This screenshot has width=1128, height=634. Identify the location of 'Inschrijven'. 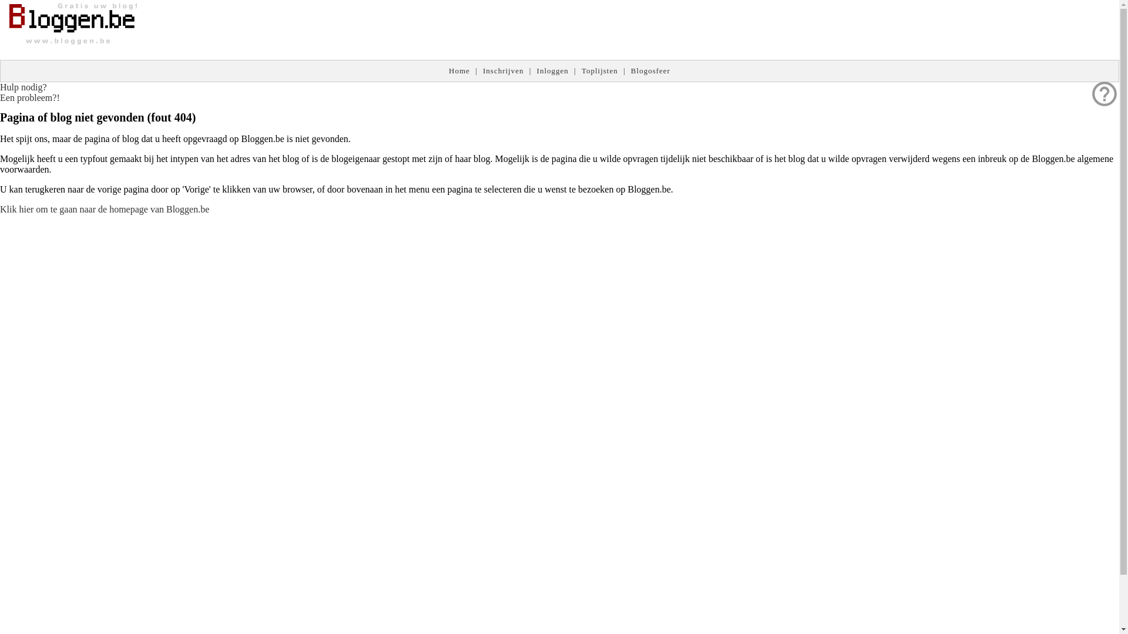
(503, 70).